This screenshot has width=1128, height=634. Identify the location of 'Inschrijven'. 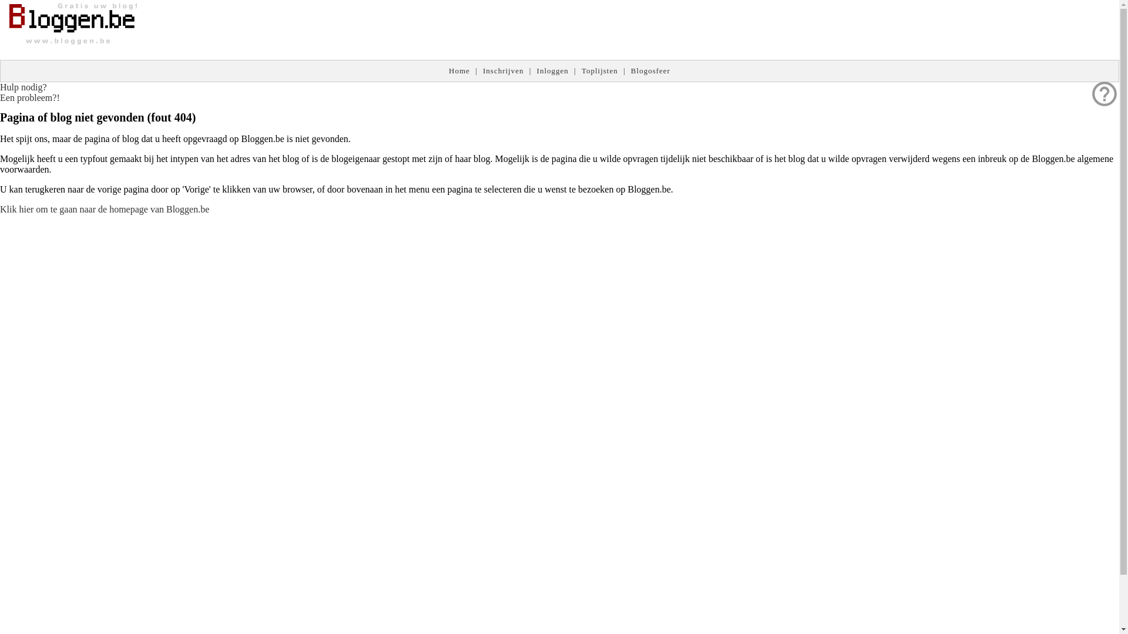
(503, 70).